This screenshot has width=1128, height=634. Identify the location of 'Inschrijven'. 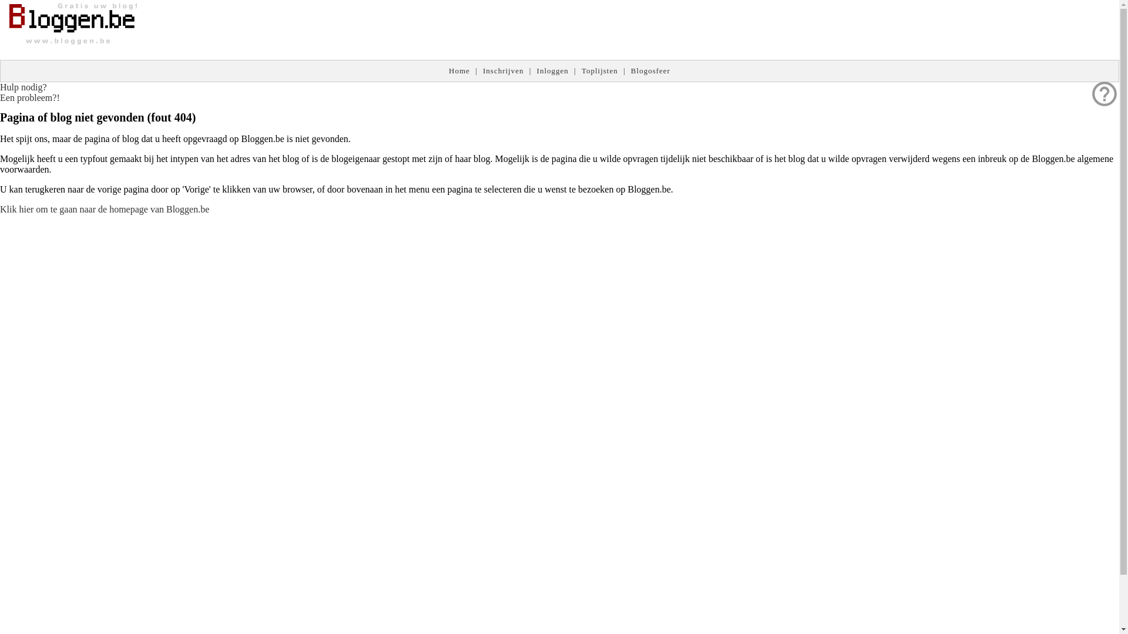
(503, 70).